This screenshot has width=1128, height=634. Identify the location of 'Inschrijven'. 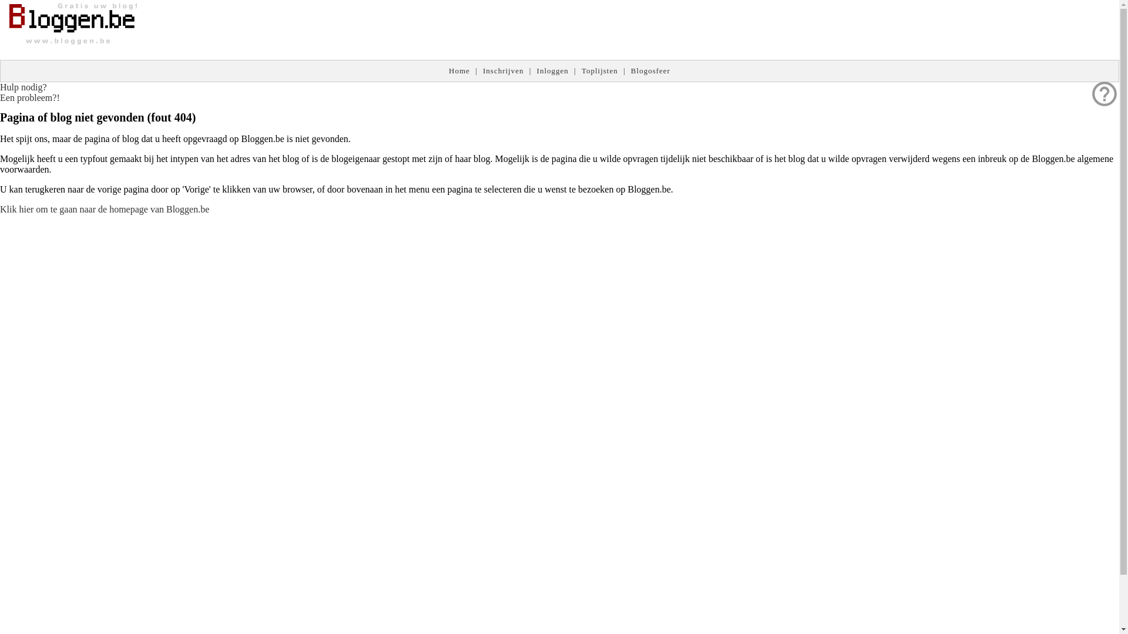
(503, 70).